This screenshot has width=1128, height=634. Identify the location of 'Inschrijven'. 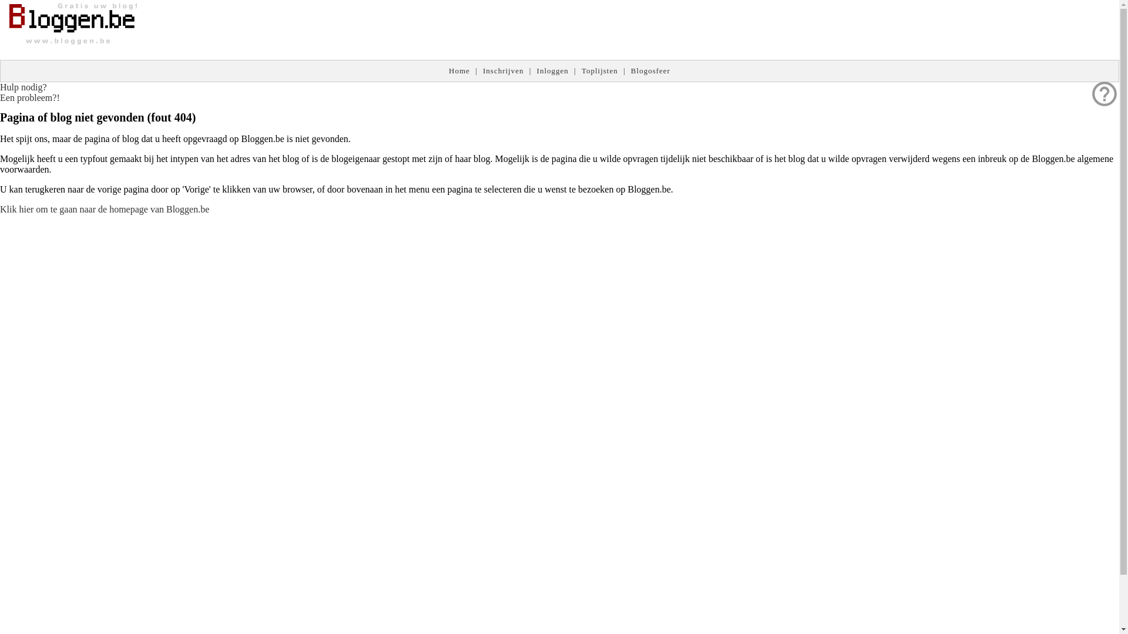
(503, 70).